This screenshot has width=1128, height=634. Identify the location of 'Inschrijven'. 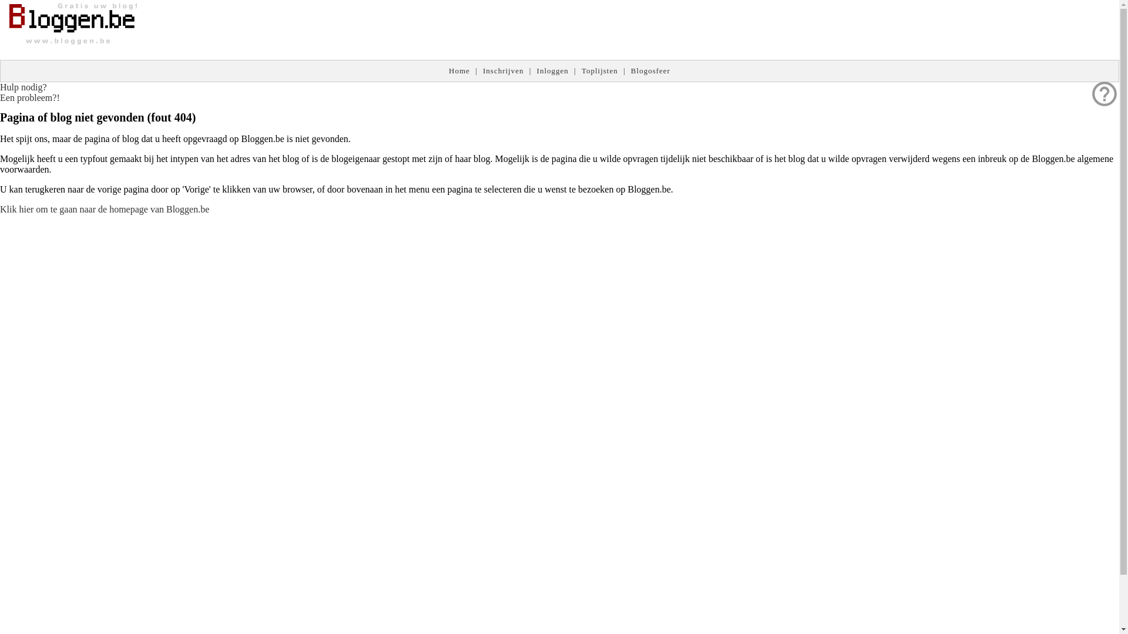
(503, 70).